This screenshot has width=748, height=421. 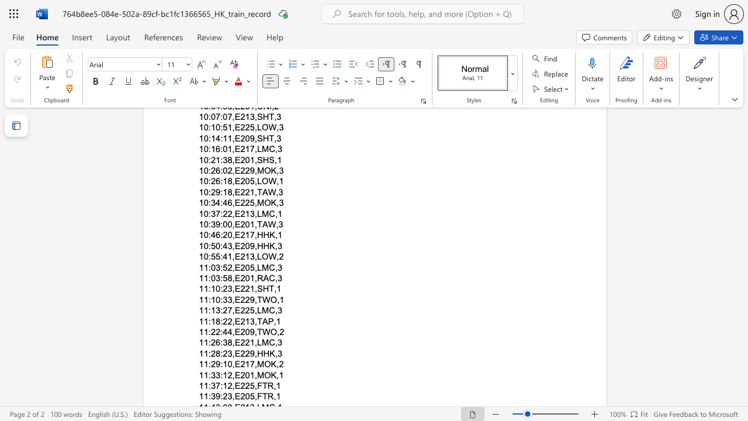 I want to click on the subset text "3:27,E225,LMC," within the text "11:13:27,E225,LMC,3", so click(x=216, y=310).